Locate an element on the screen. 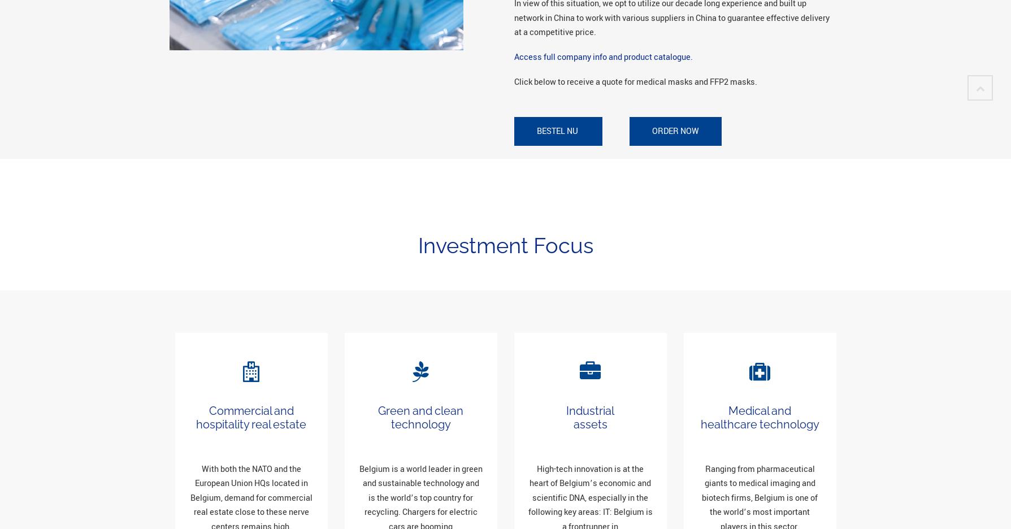 This screenshot has height=529, width=1011. 'assets' is located at coordinates (589, 424).